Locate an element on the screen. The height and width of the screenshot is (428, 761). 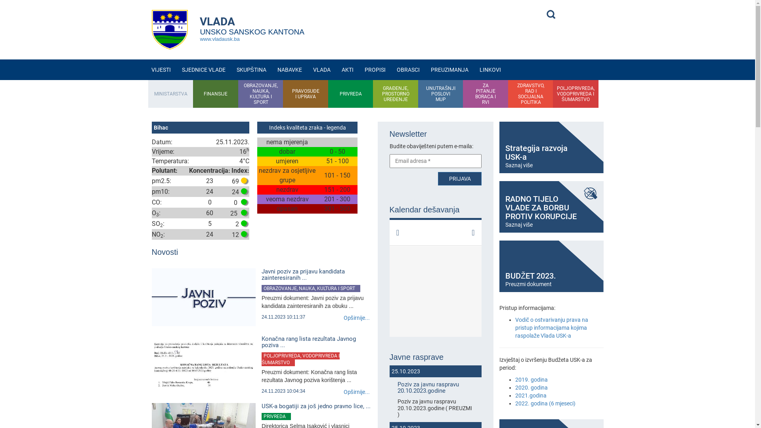
'AKTI' is located at coordinates (348, 69).